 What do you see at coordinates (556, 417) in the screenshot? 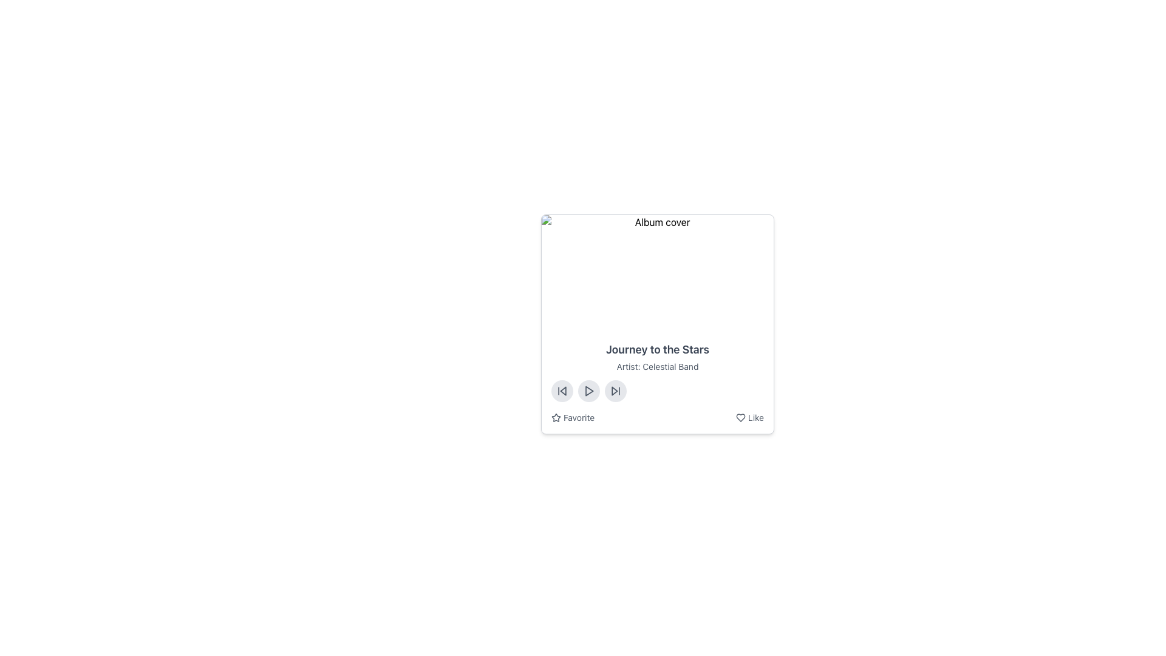
I see `the star-shaped icon indicating the favorite feature, located to the left of the 'Favorite' text` at bounding box center [556, 417].